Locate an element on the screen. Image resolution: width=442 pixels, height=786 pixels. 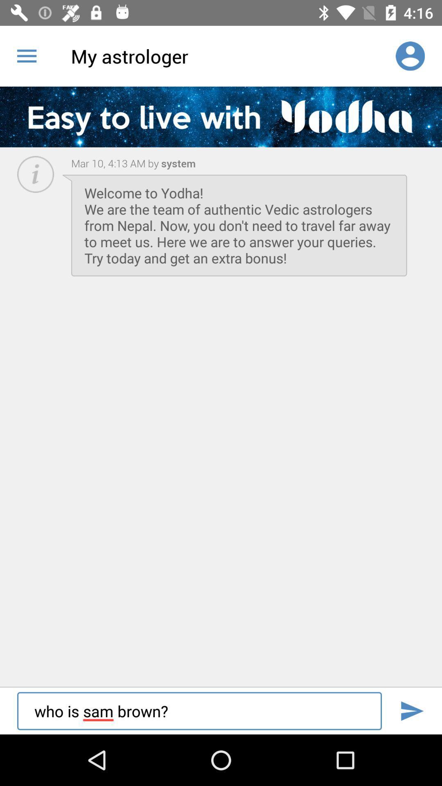
icon to the left of system icon is located at coordinates (115, 163).